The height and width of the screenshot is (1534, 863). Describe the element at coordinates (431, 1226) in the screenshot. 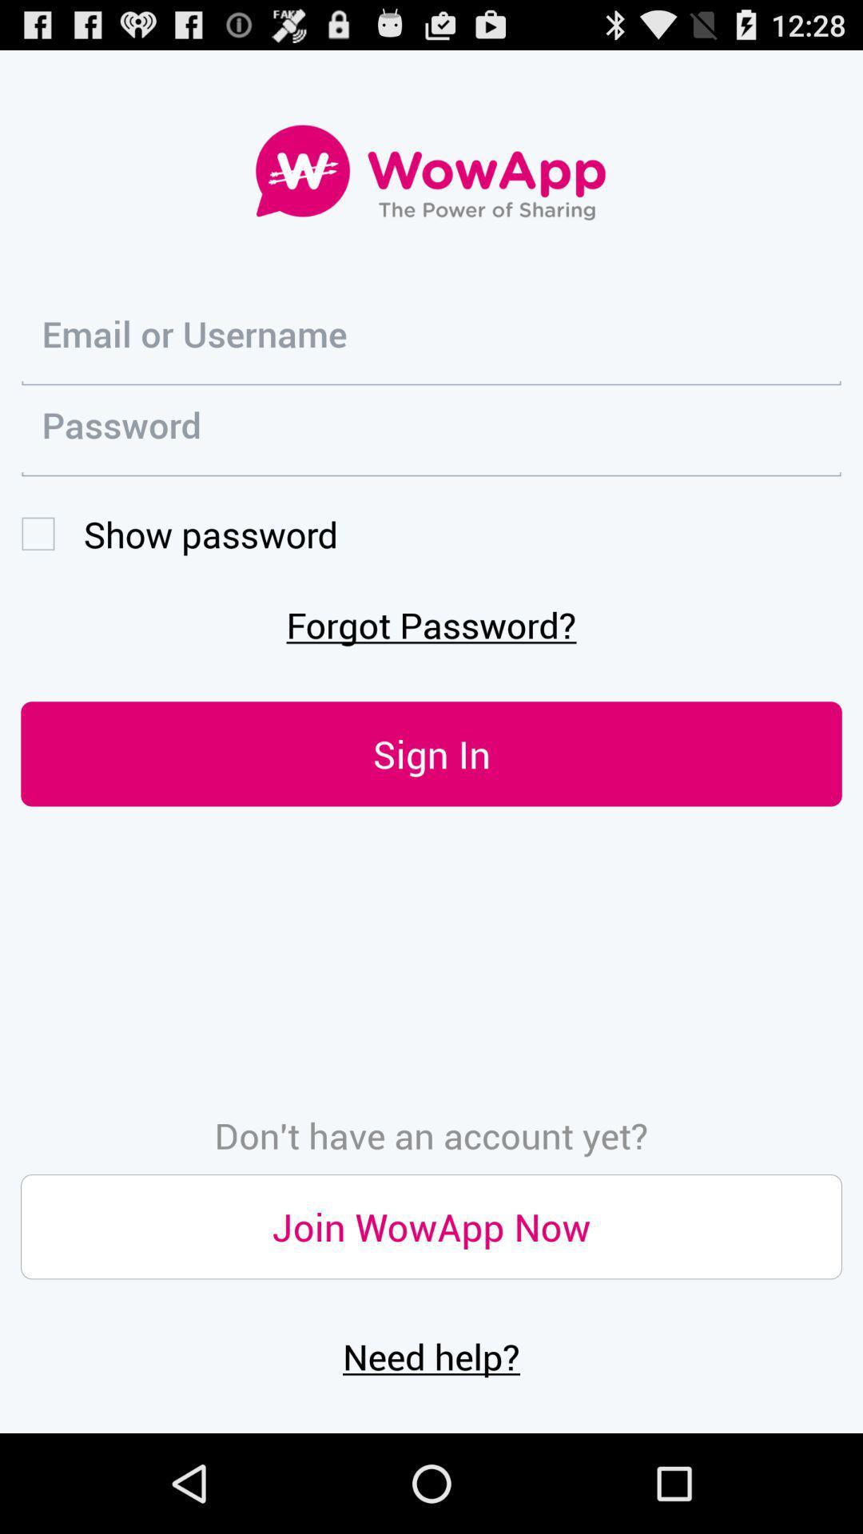

I see `join wowapp now item` at that location.